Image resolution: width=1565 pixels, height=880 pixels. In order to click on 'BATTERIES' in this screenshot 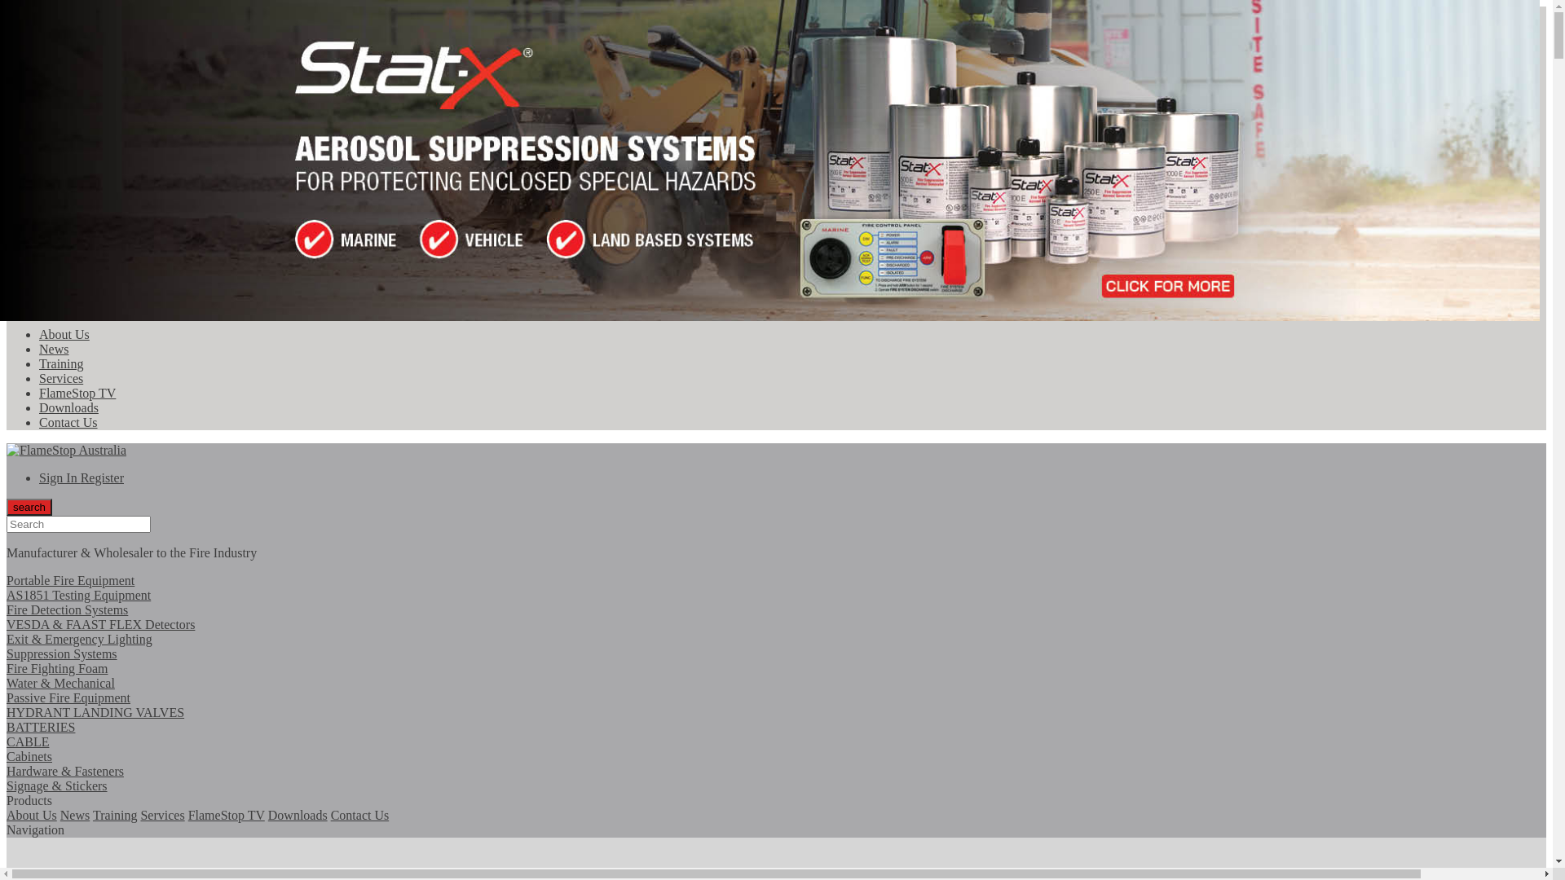, I will do `click(7, 734)`.